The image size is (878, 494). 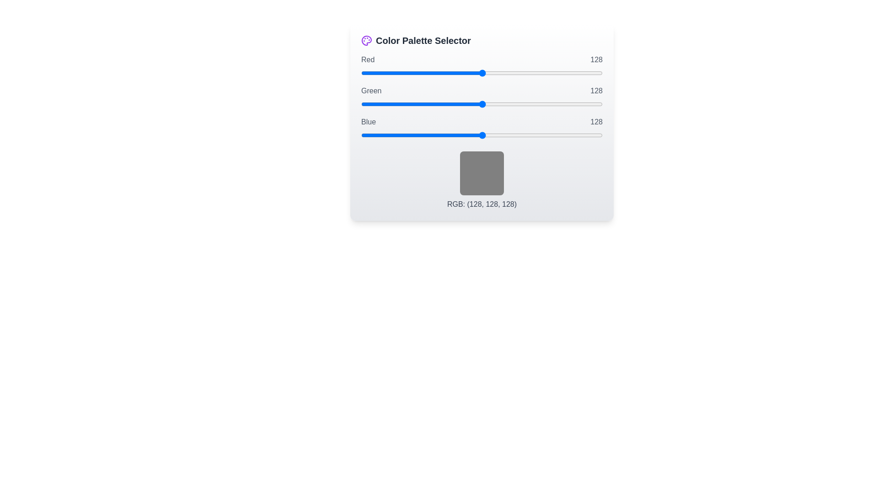 What do you see at coordinates (482, 103) in the screenshot?
I see `the 1 slider to 144 to observe the color preview box update` at bounding box center [482, 103].